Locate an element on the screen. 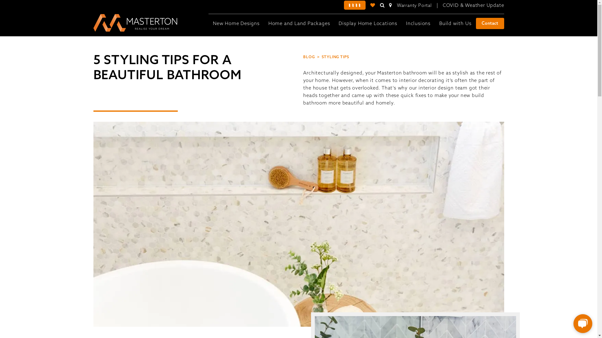 The width and height of the screenshot is (602, 338). 'Display Home Locations' is located at coordinates (368, 23).